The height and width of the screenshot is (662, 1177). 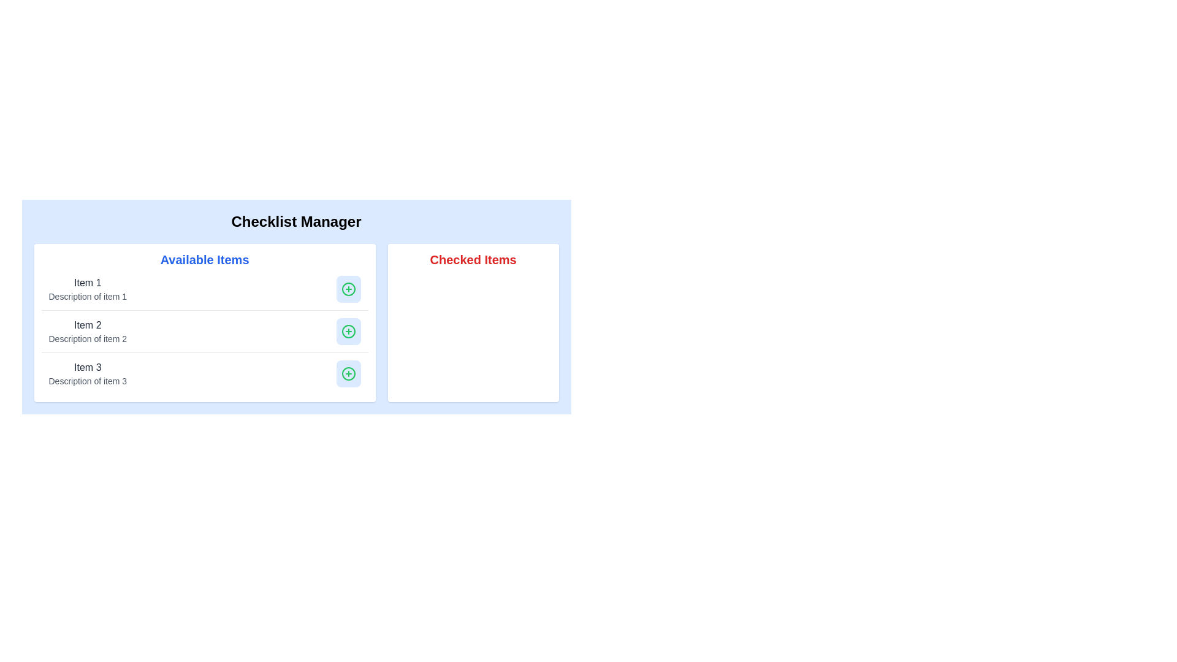 What do you see at coordinates (348, 373) in the screenshot?
I see `the button located to the right of 'Item 3' in the 'Available Items' section, aligned vertically in the third row` at bounding box center [348, 373].